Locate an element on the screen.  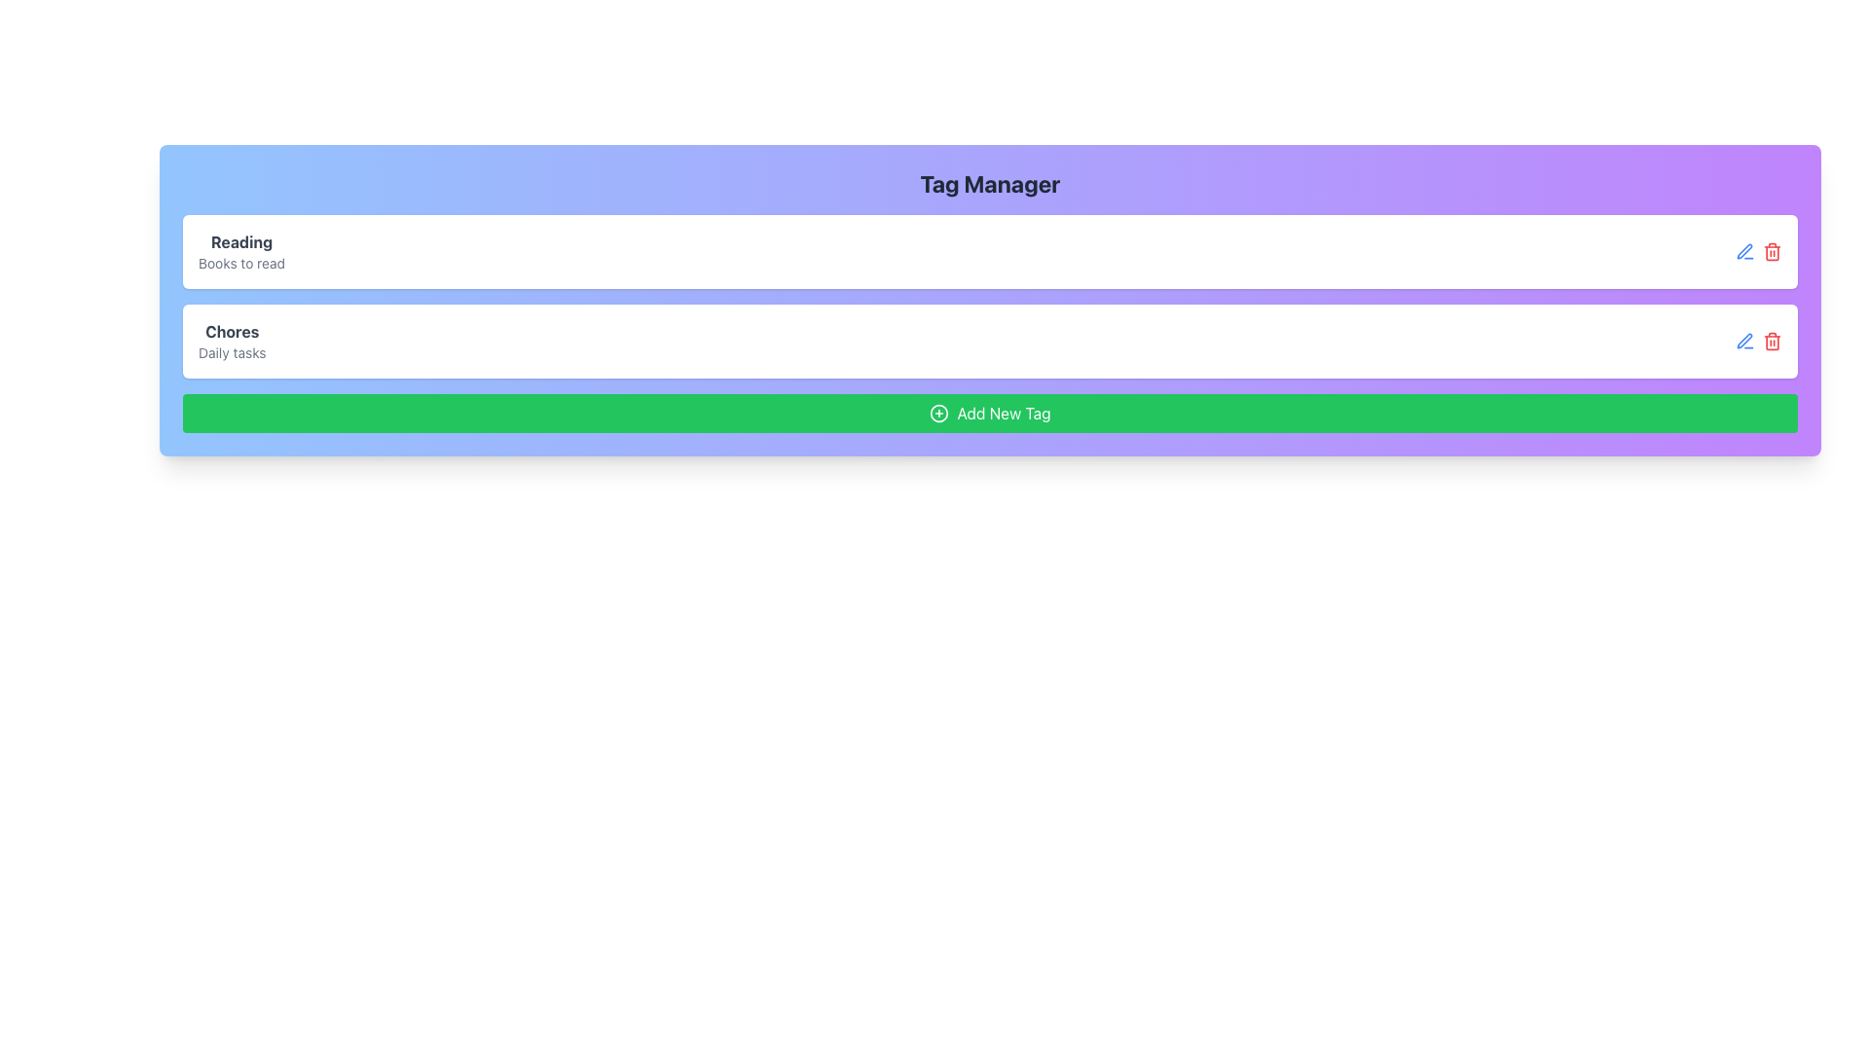
the label that serves as a title for the associated content, positioned above the 'Daily tasks' text and below the 'Reading' section is located at coordinates (232, 330).